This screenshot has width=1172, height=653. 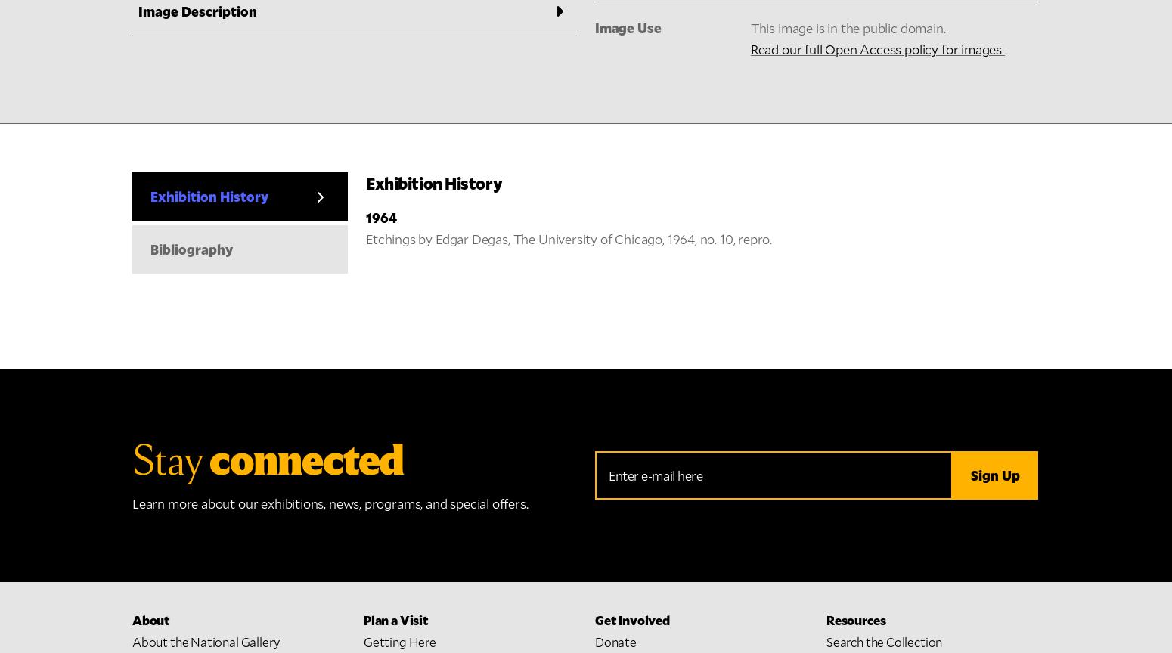 I want to click on 'Library', so click(x=844, y=248).